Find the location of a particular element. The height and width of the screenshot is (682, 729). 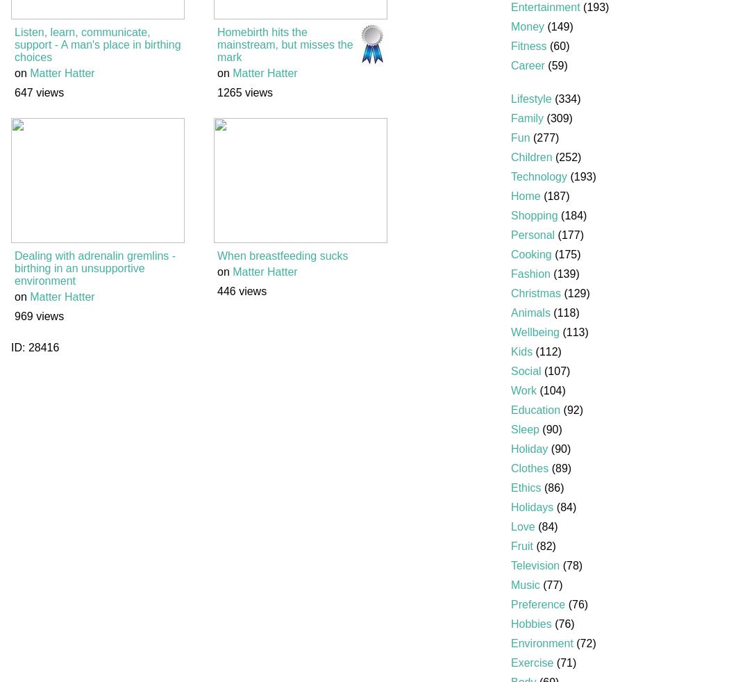

'(139)' is located at coordinates (564, 274).